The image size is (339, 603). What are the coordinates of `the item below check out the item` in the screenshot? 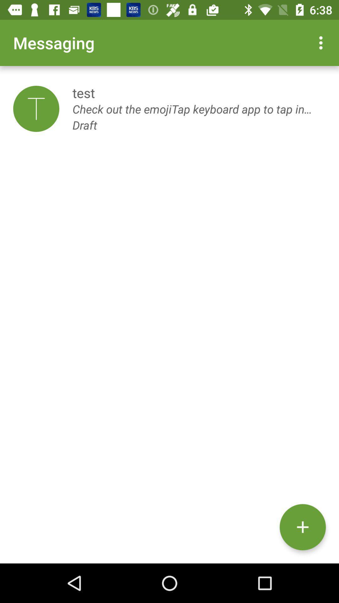 It's located at (302, 527).